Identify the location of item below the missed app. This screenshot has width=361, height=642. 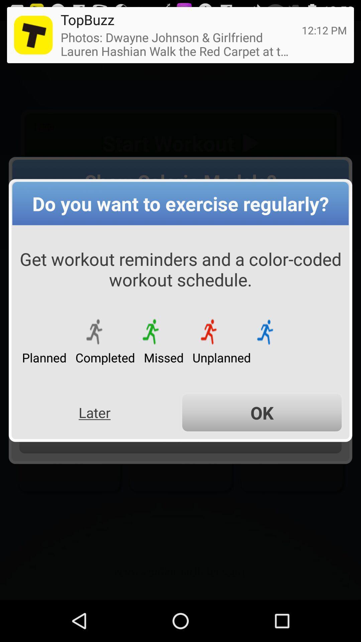
(261, 412).